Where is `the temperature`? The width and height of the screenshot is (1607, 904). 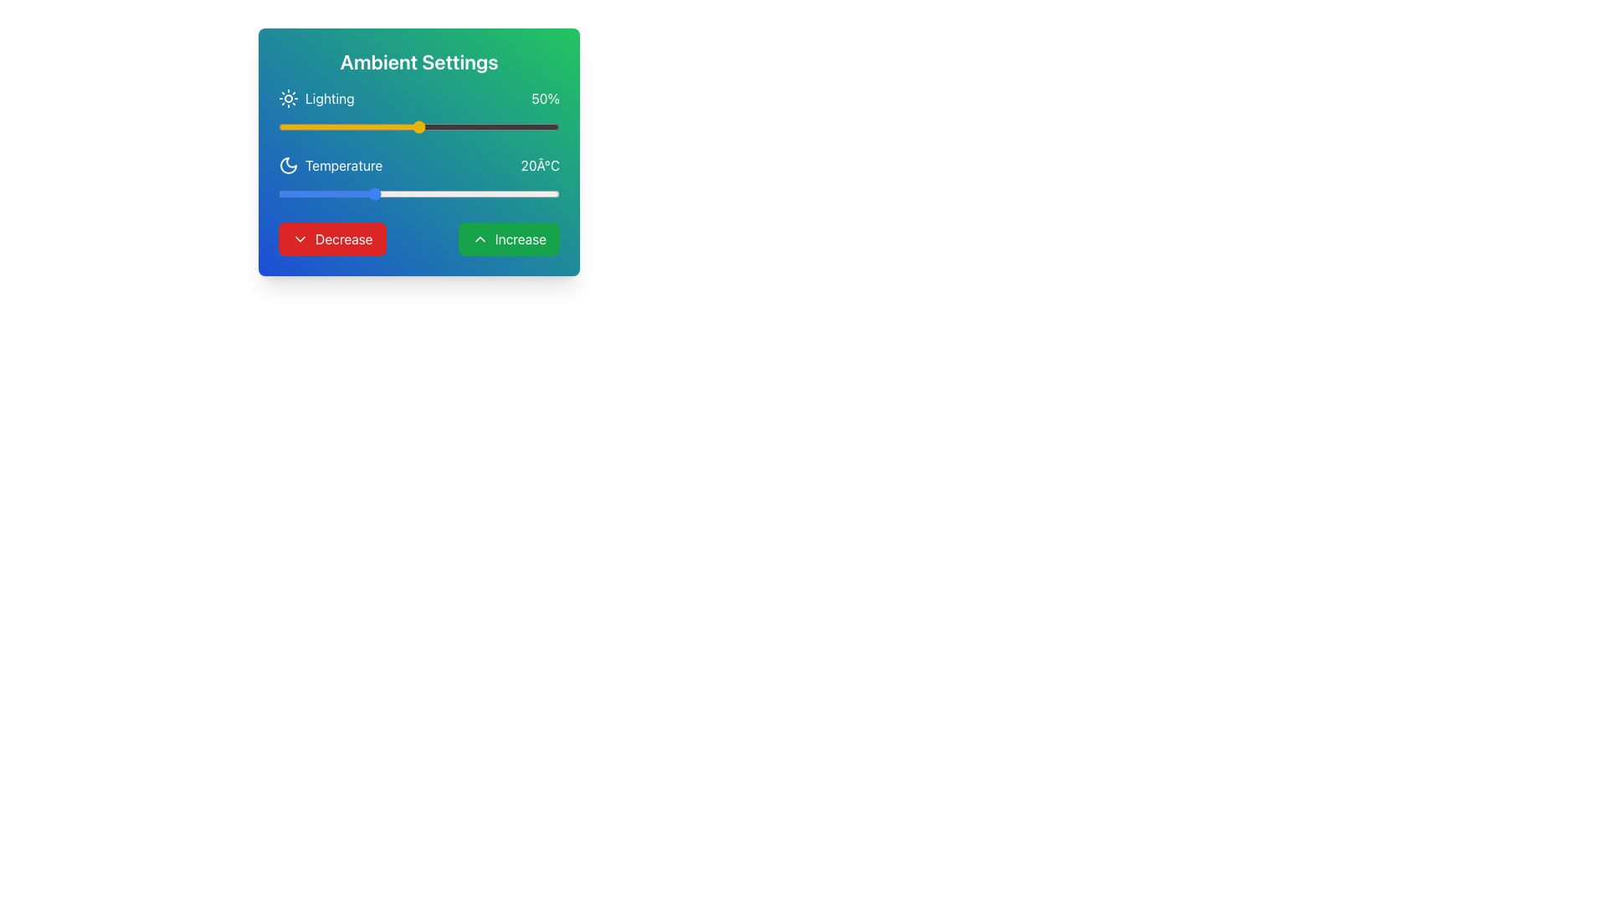
the temperature is located at coordinates (316, 193).